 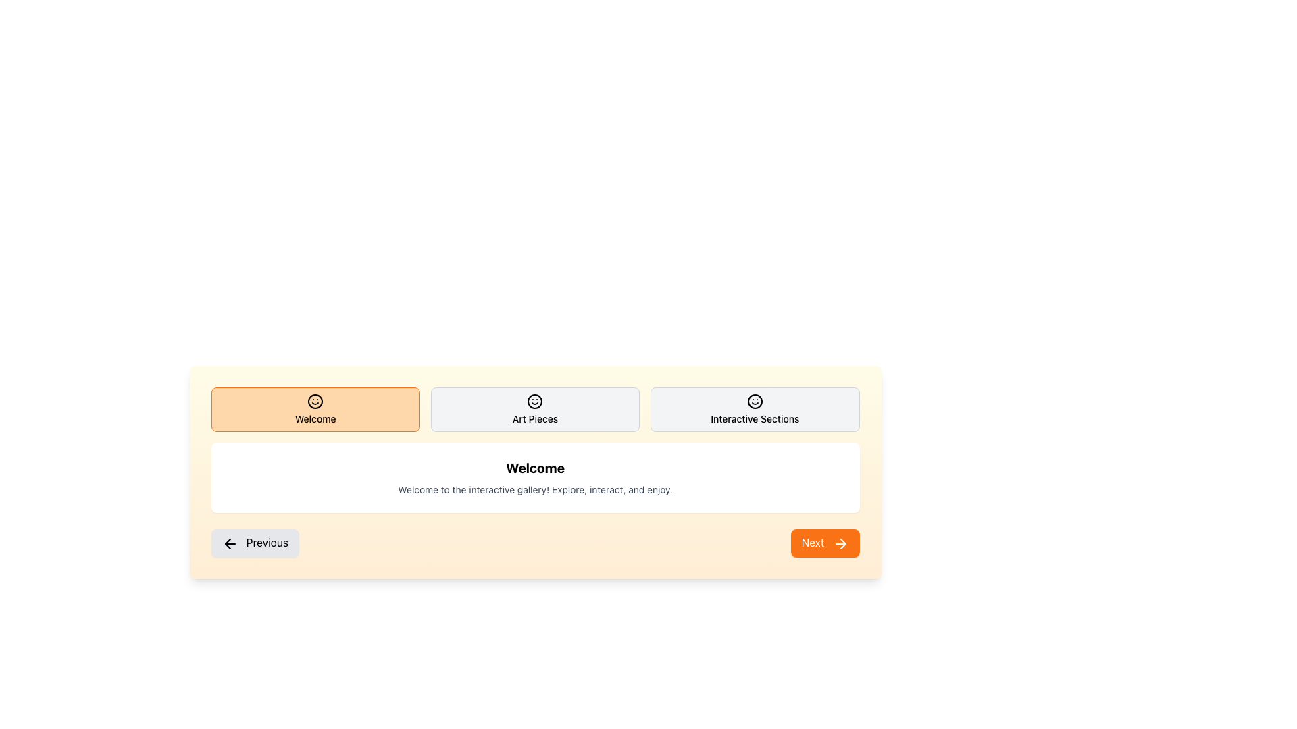 What do you see at coordinates (754, 400) in the screenshot?
I see `the smiley face SVG Icon that serves as a visual indicator for the 'Interactive Sections' option, positioned in the top row of the interface as the third option in a horizontal list` at bounding box center [754, 400].